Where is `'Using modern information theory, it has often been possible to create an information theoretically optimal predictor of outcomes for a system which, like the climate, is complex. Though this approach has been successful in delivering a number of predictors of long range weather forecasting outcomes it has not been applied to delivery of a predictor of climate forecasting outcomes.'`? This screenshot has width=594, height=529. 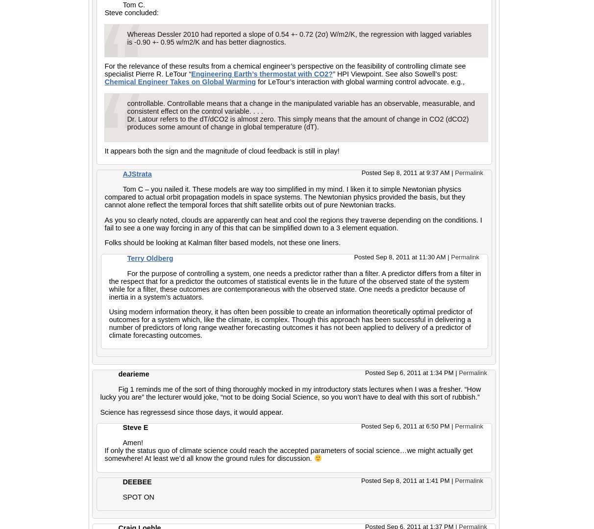 'Using modern information theory, it has often been possible to create an information theoretically optimal predictor of outcomes for a system which, like the climate, is complex. Though this approach has been successful in delivering a number of predictors of long range weather forecasting outcomes it has not been applied to delivery of a predictor of climate forecasting outcomes.' is located at coordinates (290, 323).